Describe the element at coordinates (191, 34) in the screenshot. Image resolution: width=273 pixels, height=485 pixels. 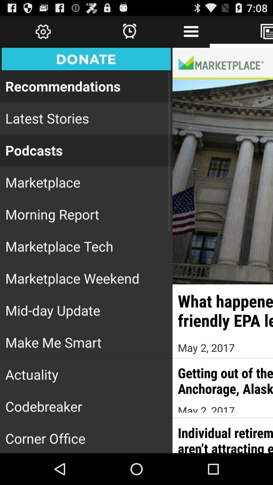
I see `the menu icon` at that location.